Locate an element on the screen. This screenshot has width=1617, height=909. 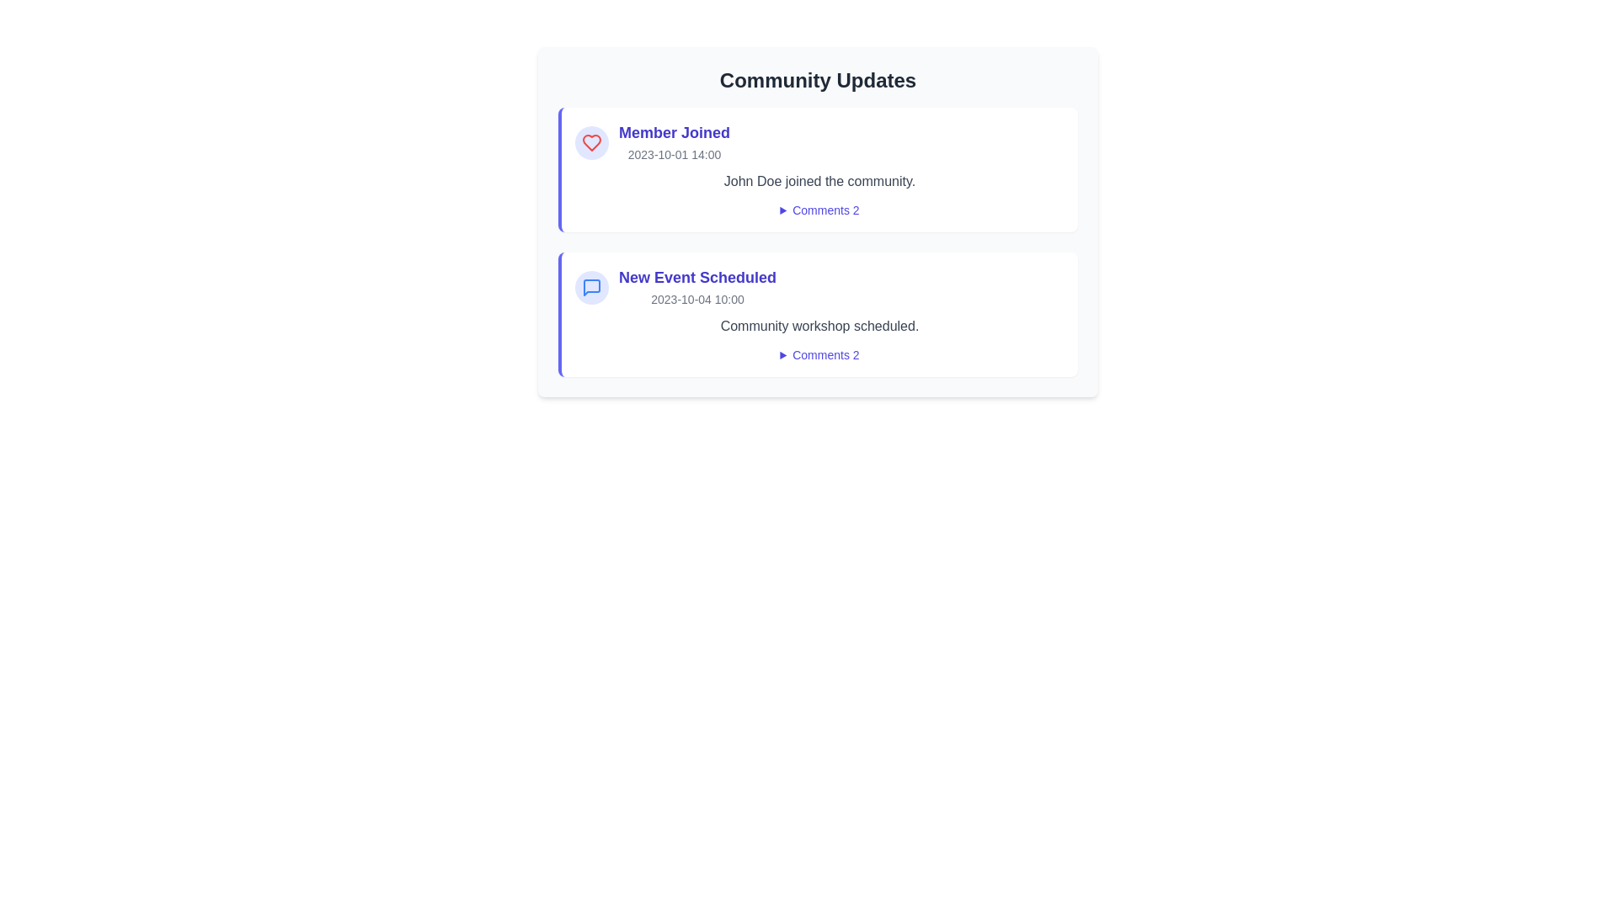
the heart-shaped icon outlined in red, located in the top-left quadrant of the 'Community Updates' area, adjacent to the 'Member Joined' title is located at coordinates (591, 141).